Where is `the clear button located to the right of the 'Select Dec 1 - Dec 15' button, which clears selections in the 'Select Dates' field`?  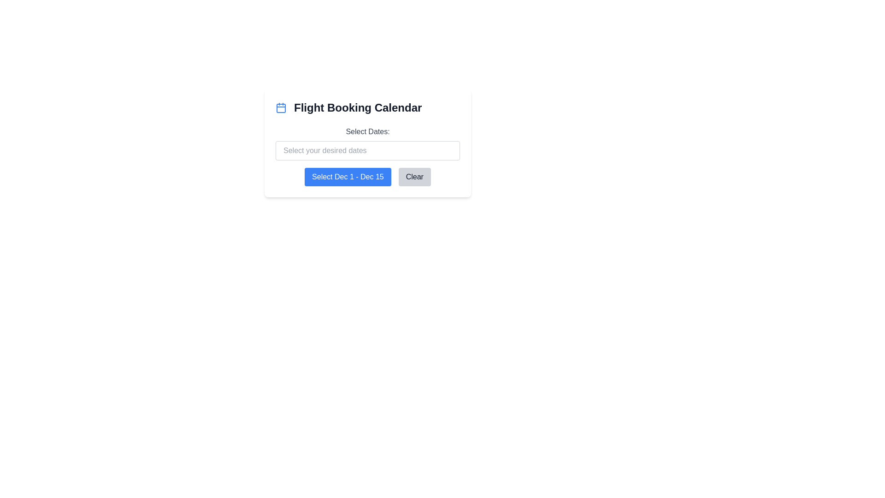
the clear button located to the right of the 'Select Dec 1 - Dec 15' button, which clears selections in the 'Select Dates' field is located at coordinates (414, 177).